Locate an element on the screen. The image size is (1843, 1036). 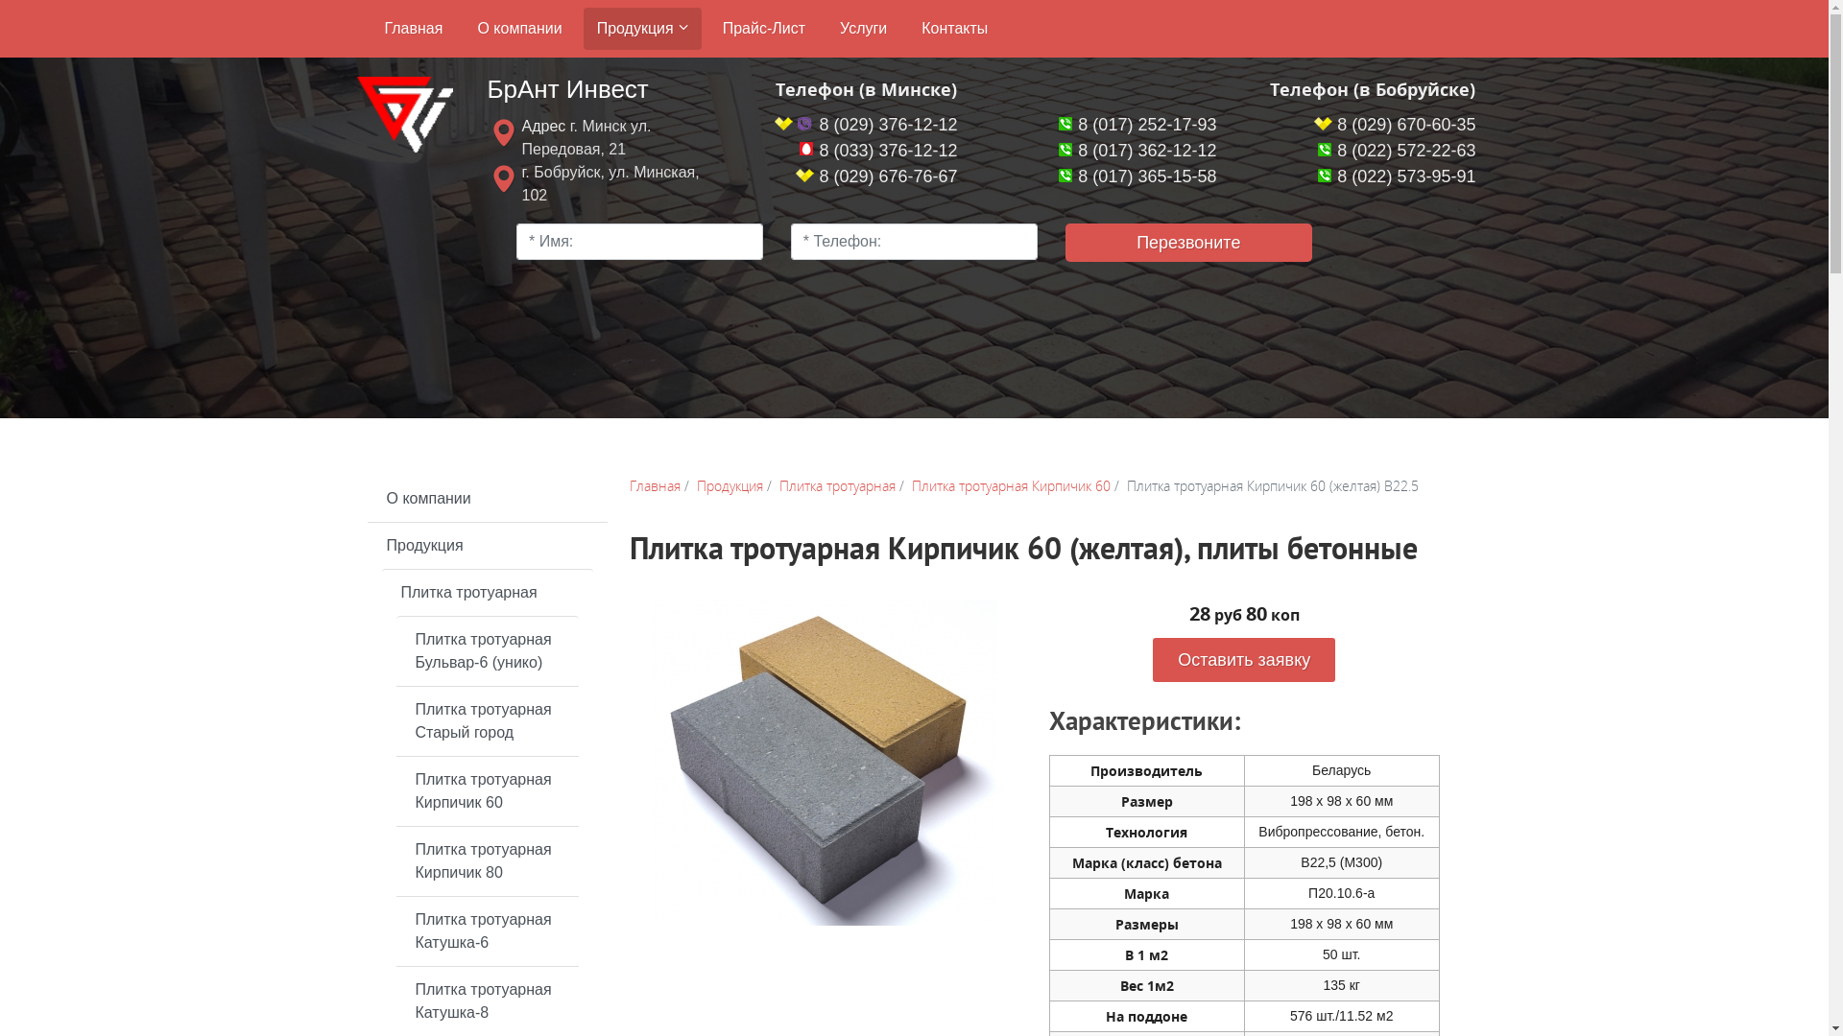
'8 (029) 376-12-12' is located at coordinates (774, 125).